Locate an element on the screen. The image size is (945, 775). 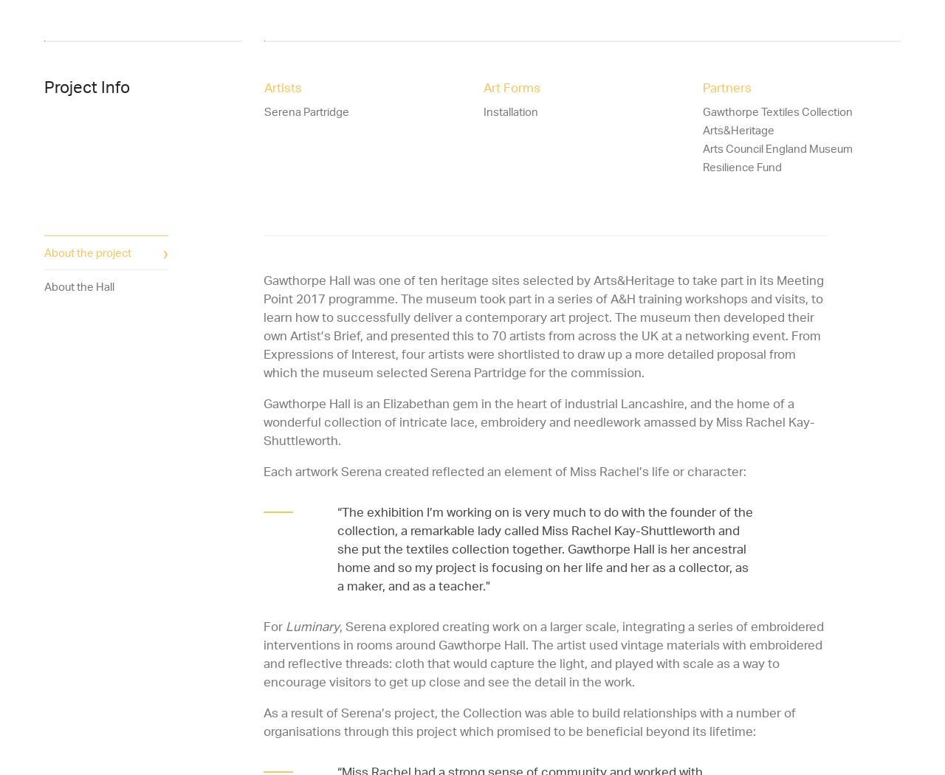
', Serena explored creating work on a larger scale, integrating a series of embroidered interventions in rooms around Gawthorpe Hall. The artist used vintage materials with embroidered and reflective threads: cloth that would capture the light, and played with scale as a way to encourage visitors to get up close and see the detail in the work.' is located at coordinates (543, 652).